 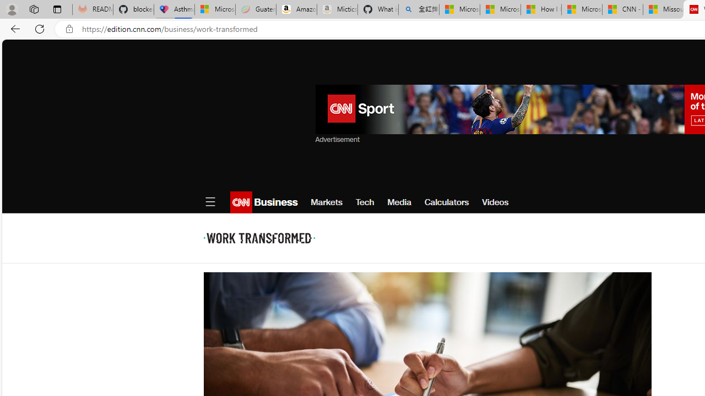 I want to click on 'CNN - MSN', so click(x=622, y=9).